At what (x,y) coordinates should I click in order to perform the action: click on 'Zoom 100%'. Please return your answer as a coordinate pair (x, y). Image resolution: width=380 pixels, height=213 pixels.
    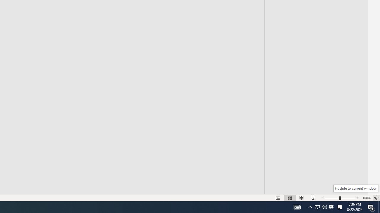
    Looking at the image, I should click on (366, 198).